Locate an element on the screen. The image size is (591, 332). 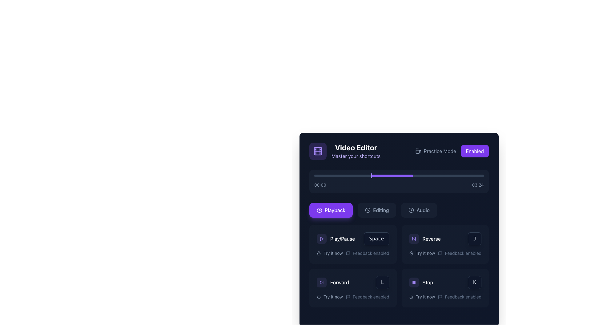
the feedback icon located to the left of the 'Feedback enabled' text within the 'Reverse' section of the interface is located at coordinates (440, 253).